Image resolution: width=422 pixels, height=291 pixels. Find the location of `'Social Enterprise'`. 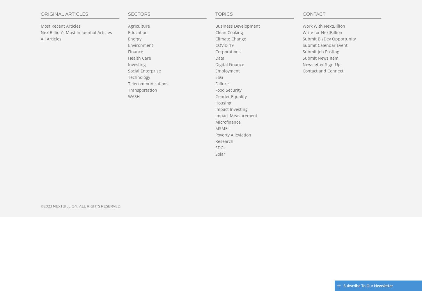

'Social Enterprise' is located at coordinates (144, 70).